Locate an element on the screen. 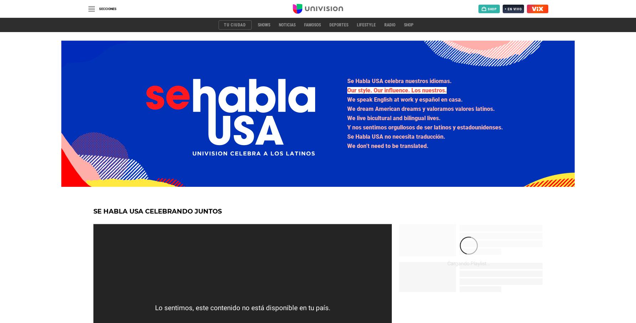 Image resolution: width=636 pixels, height=323 pixels. 'Tu Ciudad' is located at coordinates (223, 25).